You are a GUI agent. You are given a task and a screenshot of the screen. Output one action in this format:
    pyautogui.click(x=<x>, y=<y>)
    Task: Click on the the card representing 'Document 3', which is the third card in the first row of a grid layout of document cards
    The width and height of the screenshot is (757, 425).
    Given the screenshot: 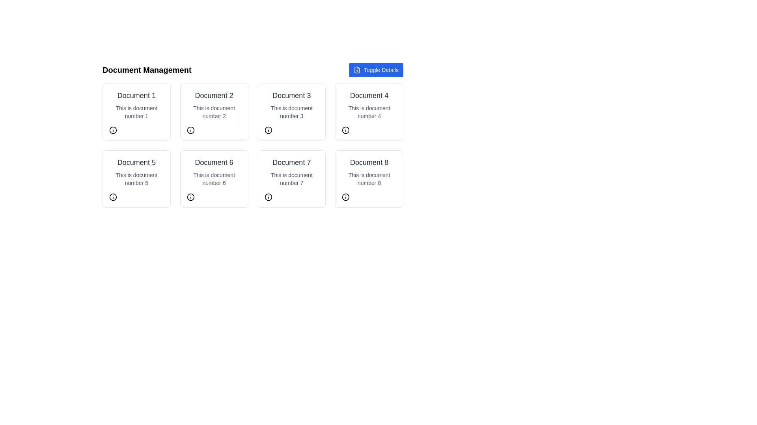 What is the action you would take?
    pyautogui.click(x=291, y=112)
    